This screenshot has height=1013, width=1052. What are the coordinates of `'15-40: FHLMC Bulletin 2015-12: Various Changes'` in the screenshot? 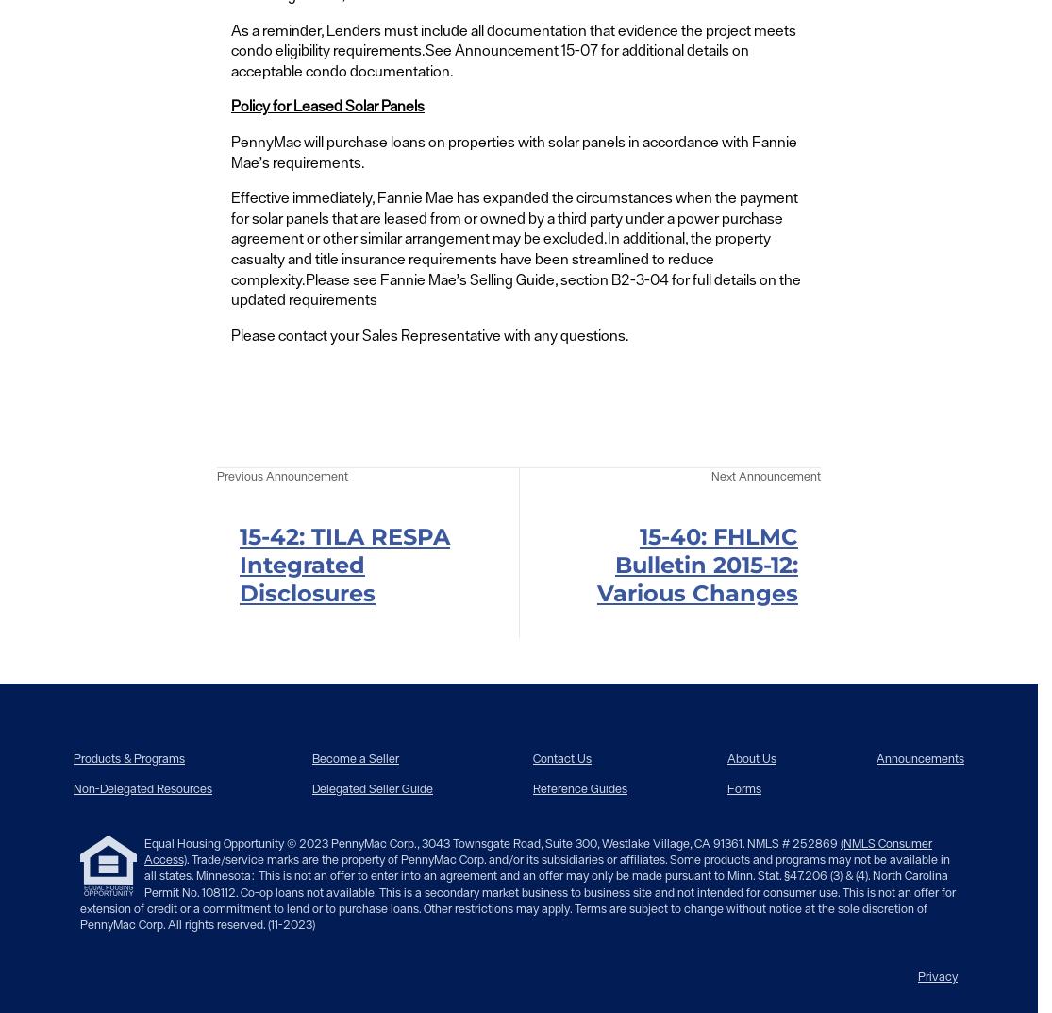 It's located at (696, 563).